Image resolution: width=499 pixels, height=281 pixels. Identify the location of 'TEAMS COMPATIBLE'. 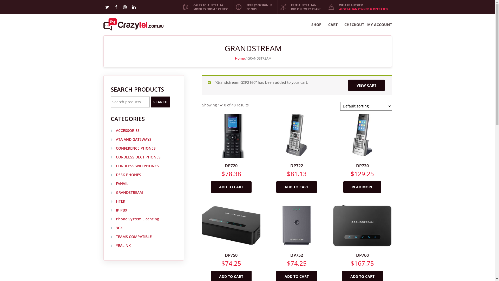
(131, 237).